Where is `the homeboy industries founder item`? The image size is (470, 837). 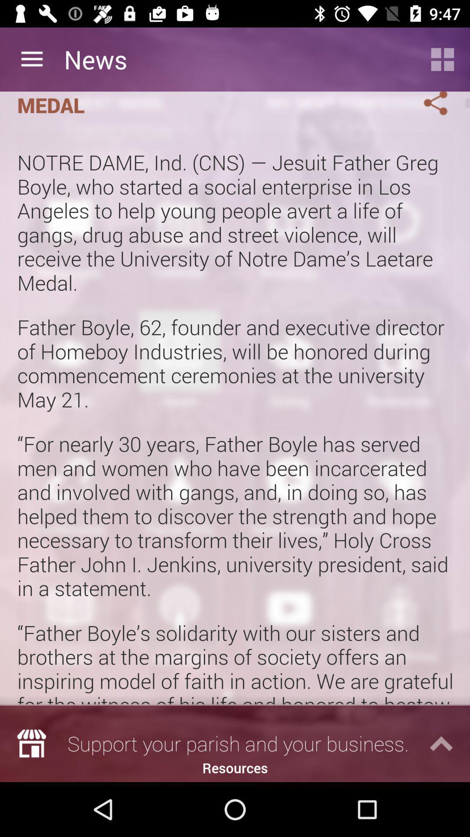
the homeboy industries founder item is located at coordinates (208, 105).